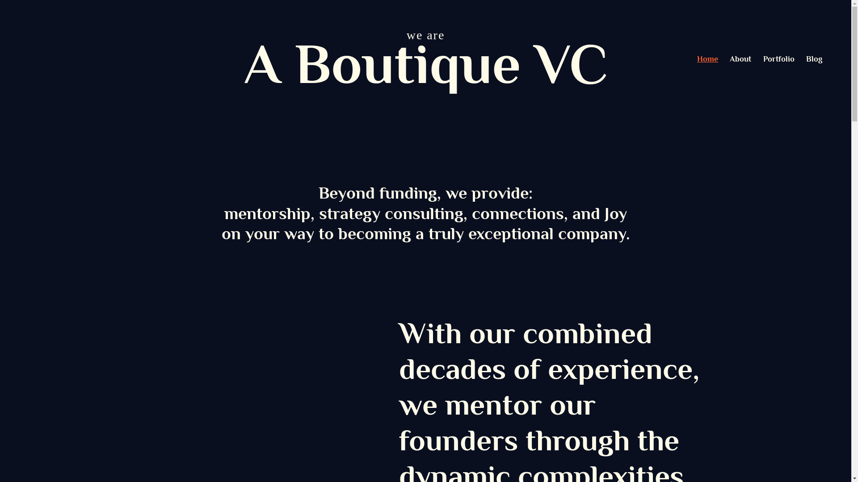  Describe the element at coordinates (707, 58) in the screenshot. I see `'Home'` at that location.